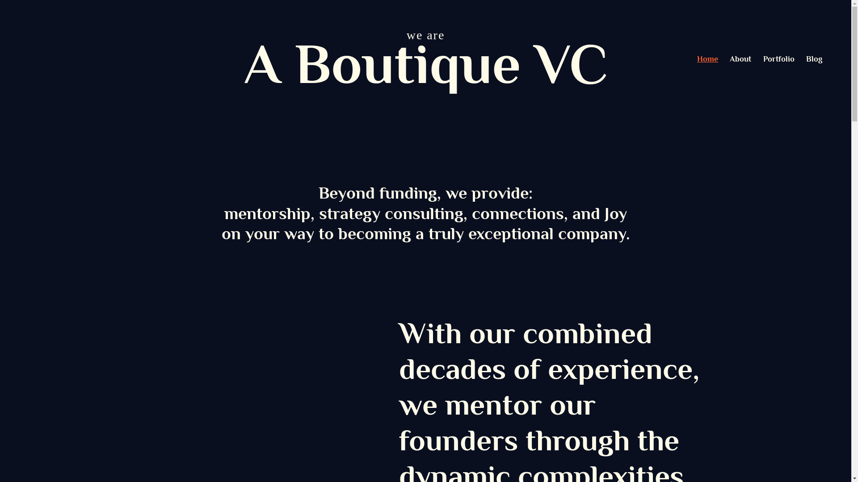  Describe the element at coordinates (707, 58) in the screenshot. I see `'Home'` at that location.